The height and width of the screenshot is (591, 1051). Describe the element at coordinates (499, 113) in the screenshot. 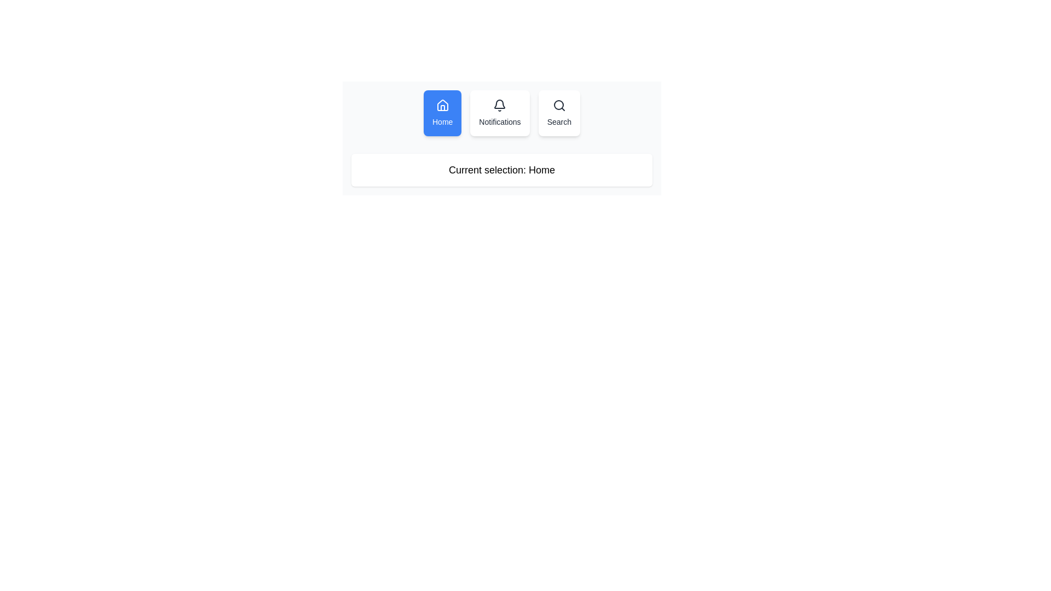

I see `the Notifications button, which is the second button in a horizontal group of three buttons` at that location.